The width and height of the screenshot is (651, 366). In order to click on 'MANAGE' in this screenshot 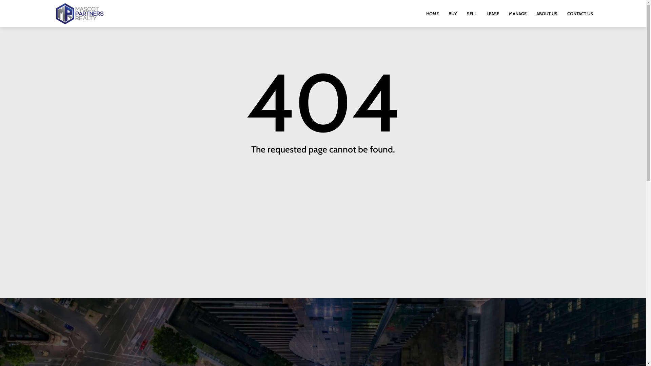, I will do `click(517, 13)`.